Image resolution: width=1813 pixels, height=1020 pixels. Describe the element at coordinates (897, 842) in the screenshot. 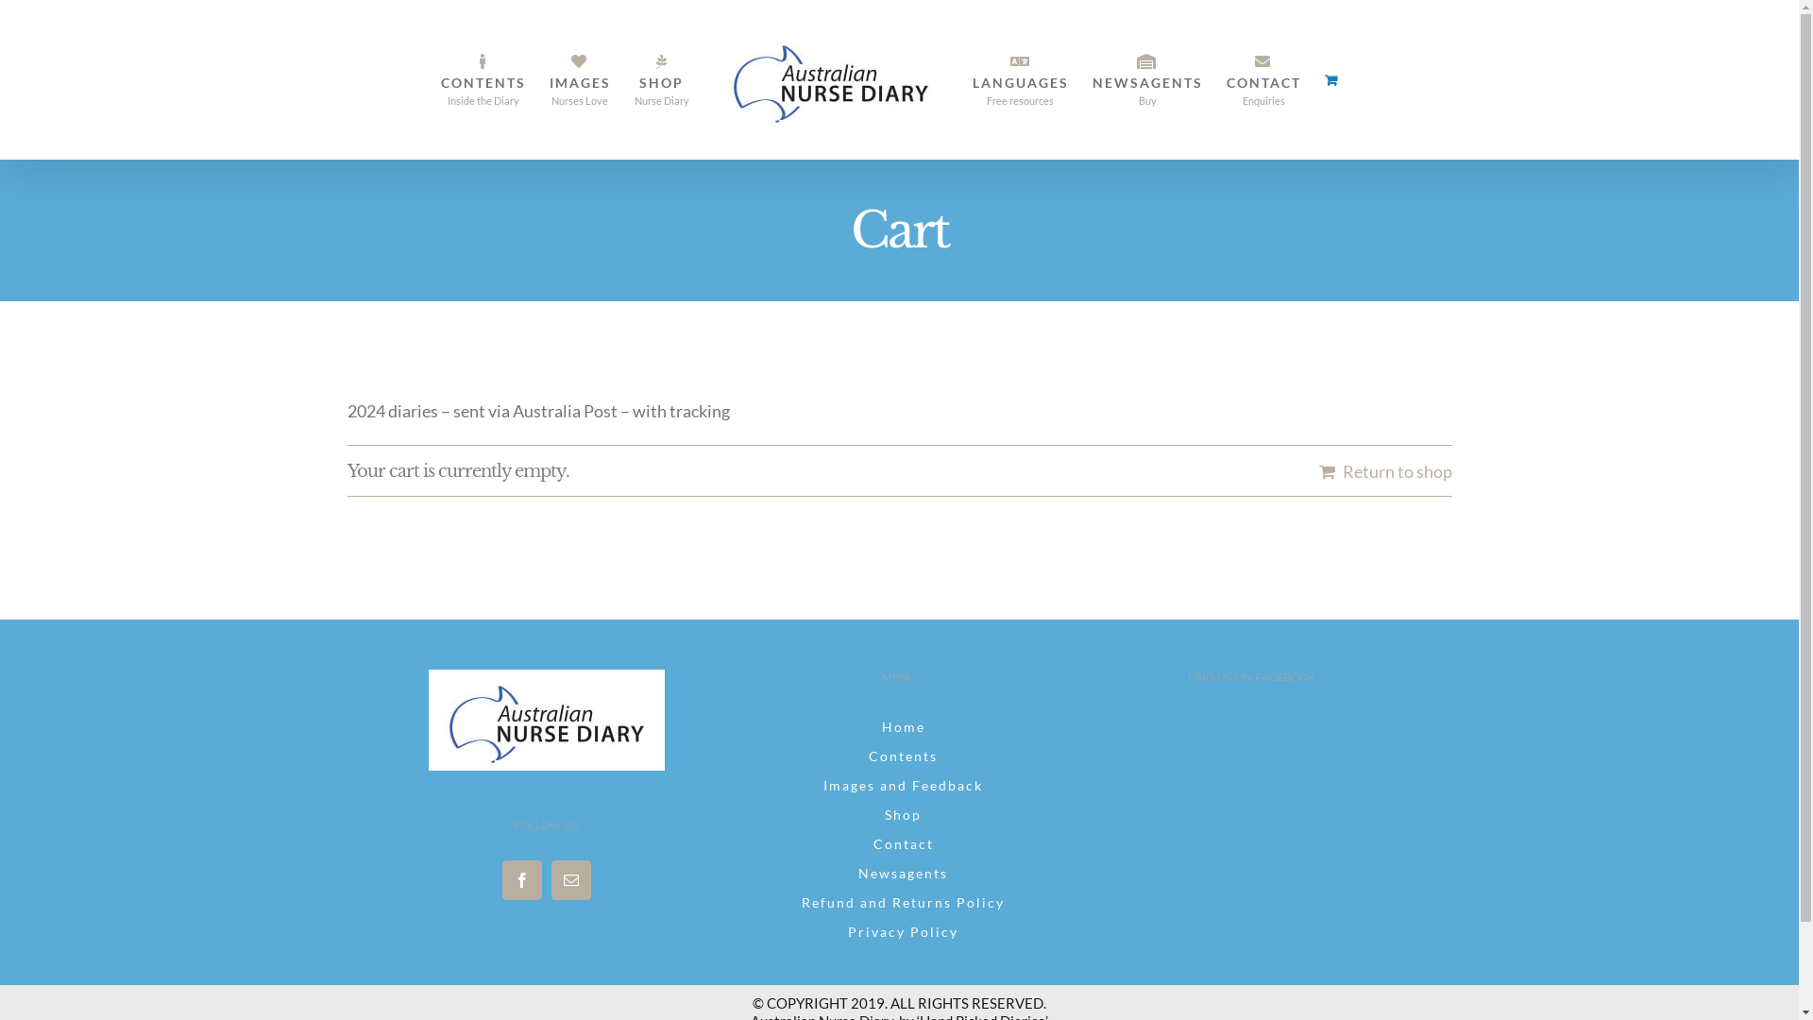

I see `'Contact'` at that location.